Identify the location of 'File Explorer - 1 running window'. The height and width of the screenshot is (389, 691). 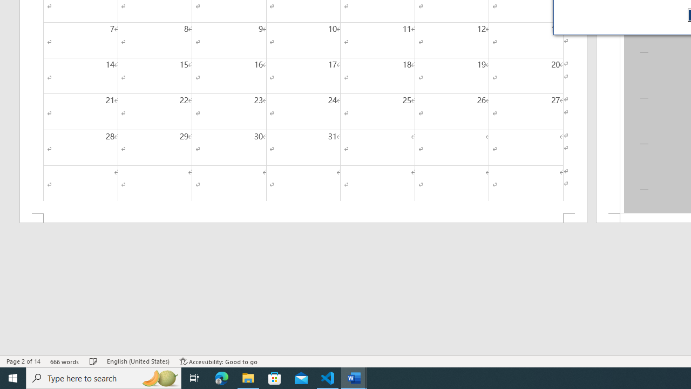
(248, 377).